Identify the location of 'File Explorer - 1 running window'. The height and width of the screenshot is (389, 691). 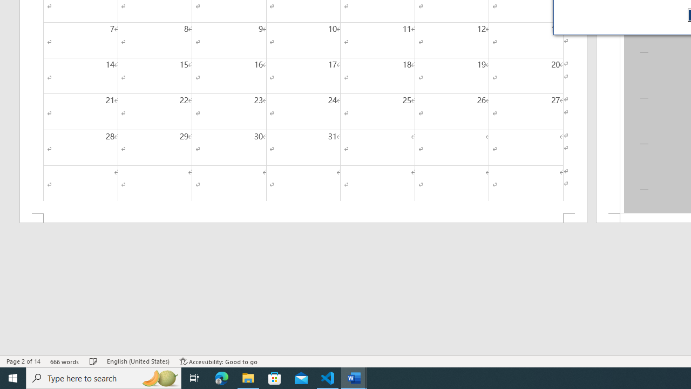
(248, 377).